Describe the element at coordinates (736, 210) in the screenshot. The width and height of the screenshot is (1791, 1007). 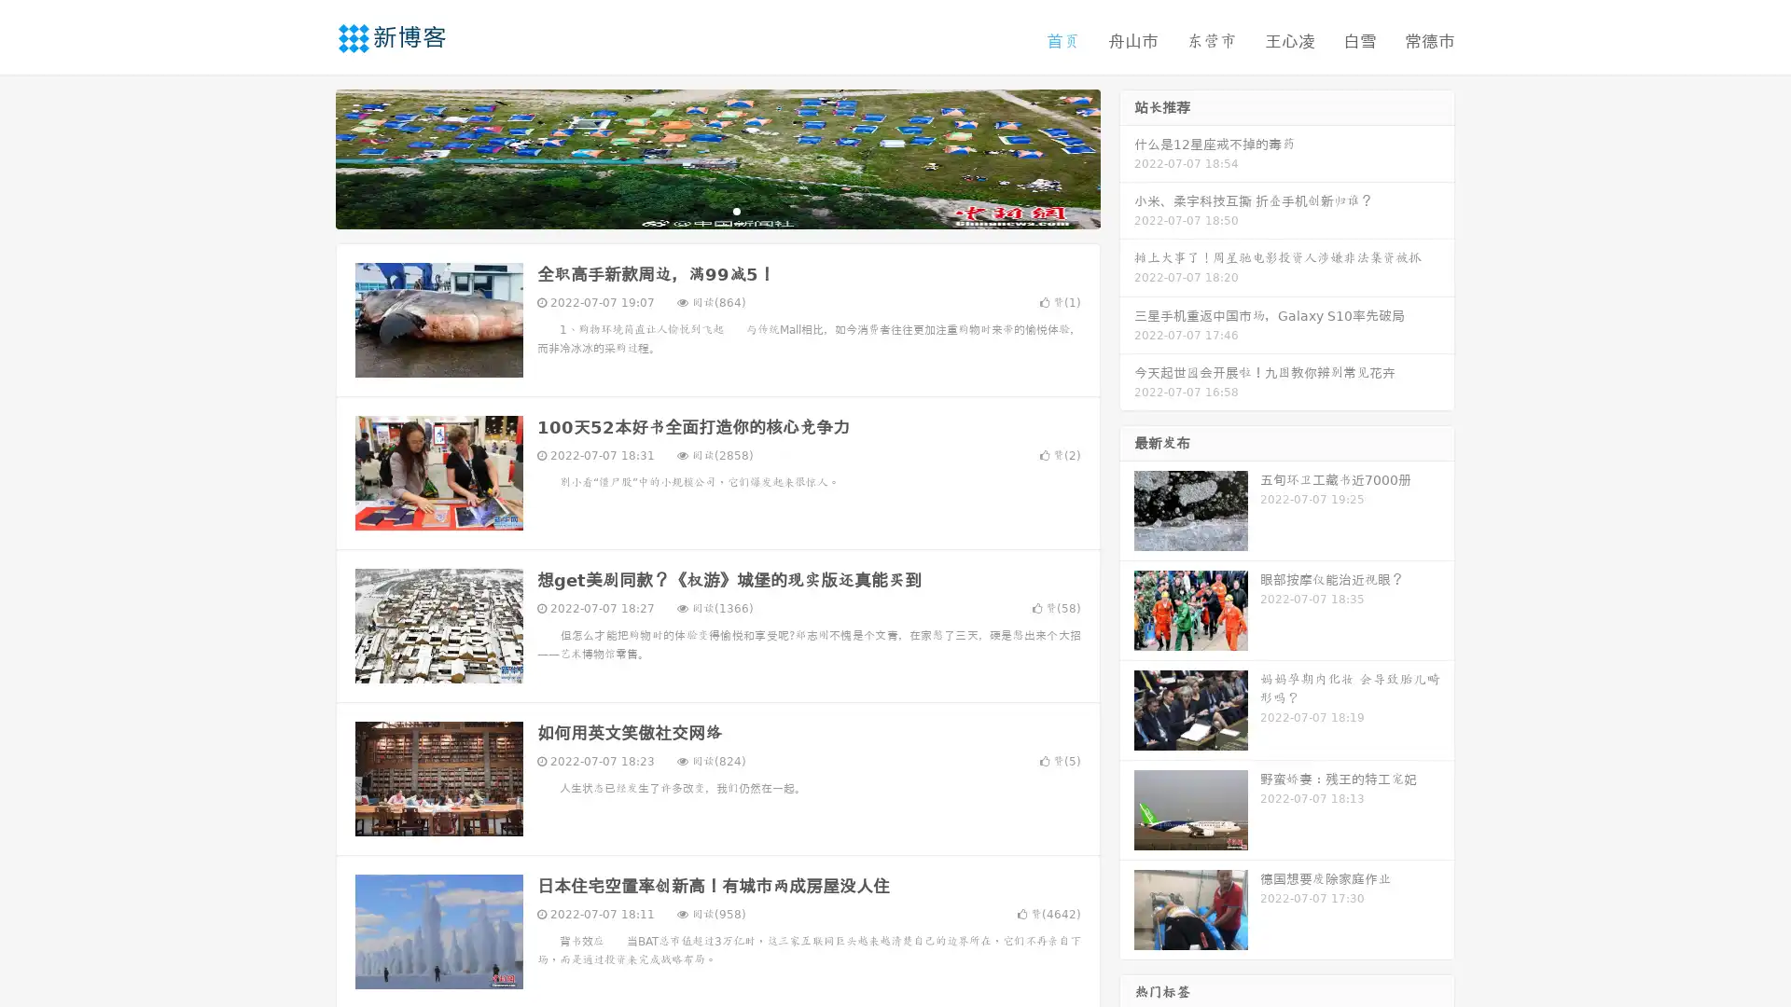
I see `Go to slide 3` at that location.